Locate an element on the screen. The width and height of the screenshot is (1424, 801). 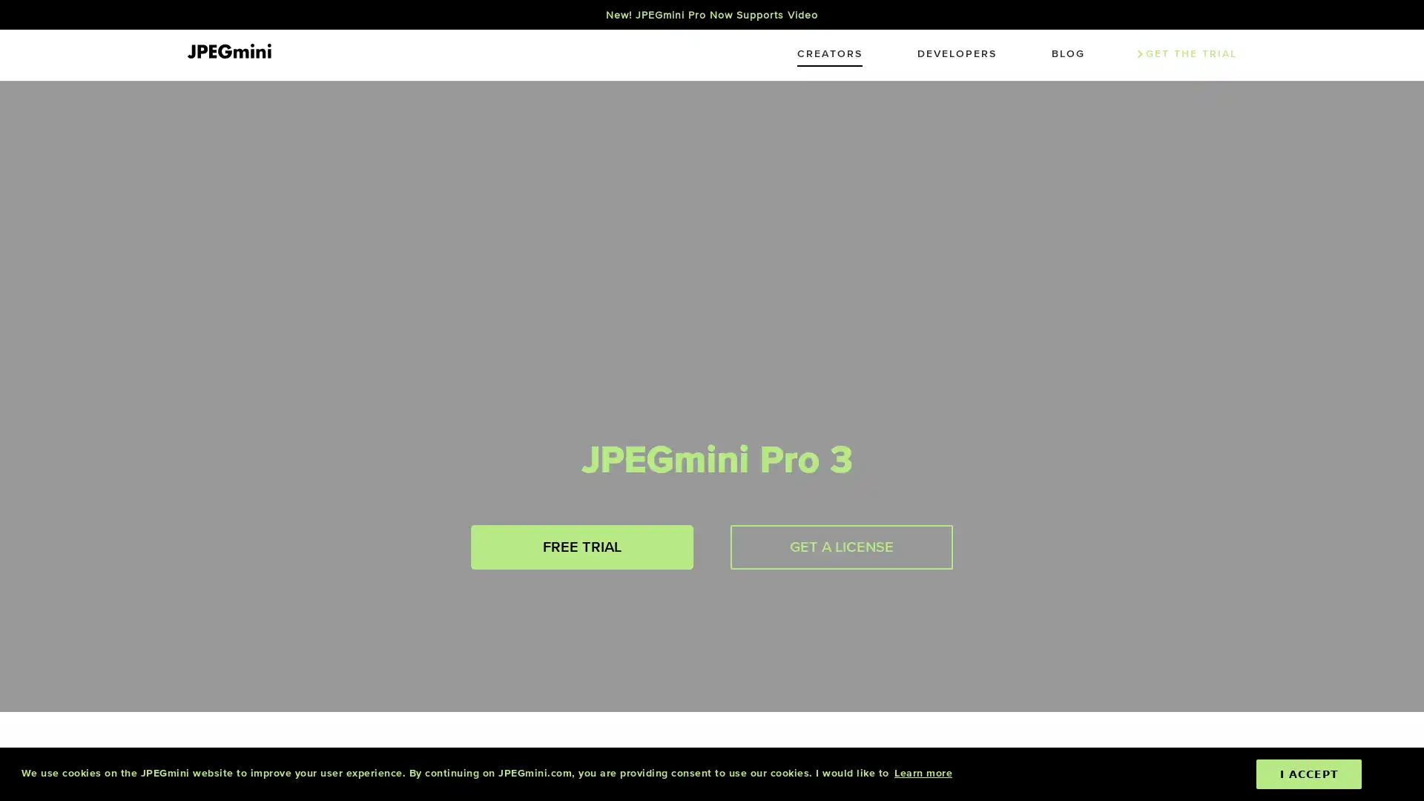
learn more about cookies is located at coordinates (922, 773).